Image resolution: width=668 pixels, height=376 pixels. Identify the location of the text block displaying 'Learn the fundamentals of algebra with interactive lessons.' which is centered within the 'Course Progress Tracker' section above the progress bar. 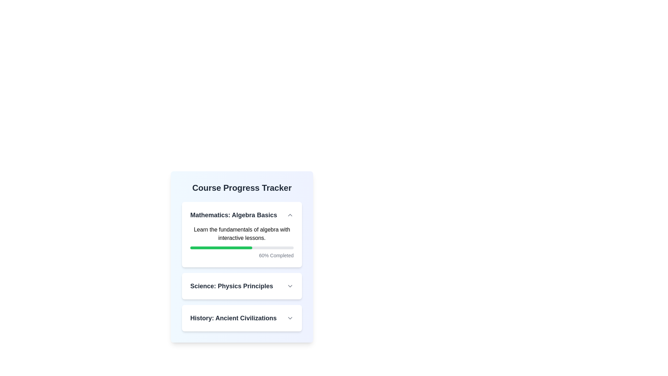
(242, 234).